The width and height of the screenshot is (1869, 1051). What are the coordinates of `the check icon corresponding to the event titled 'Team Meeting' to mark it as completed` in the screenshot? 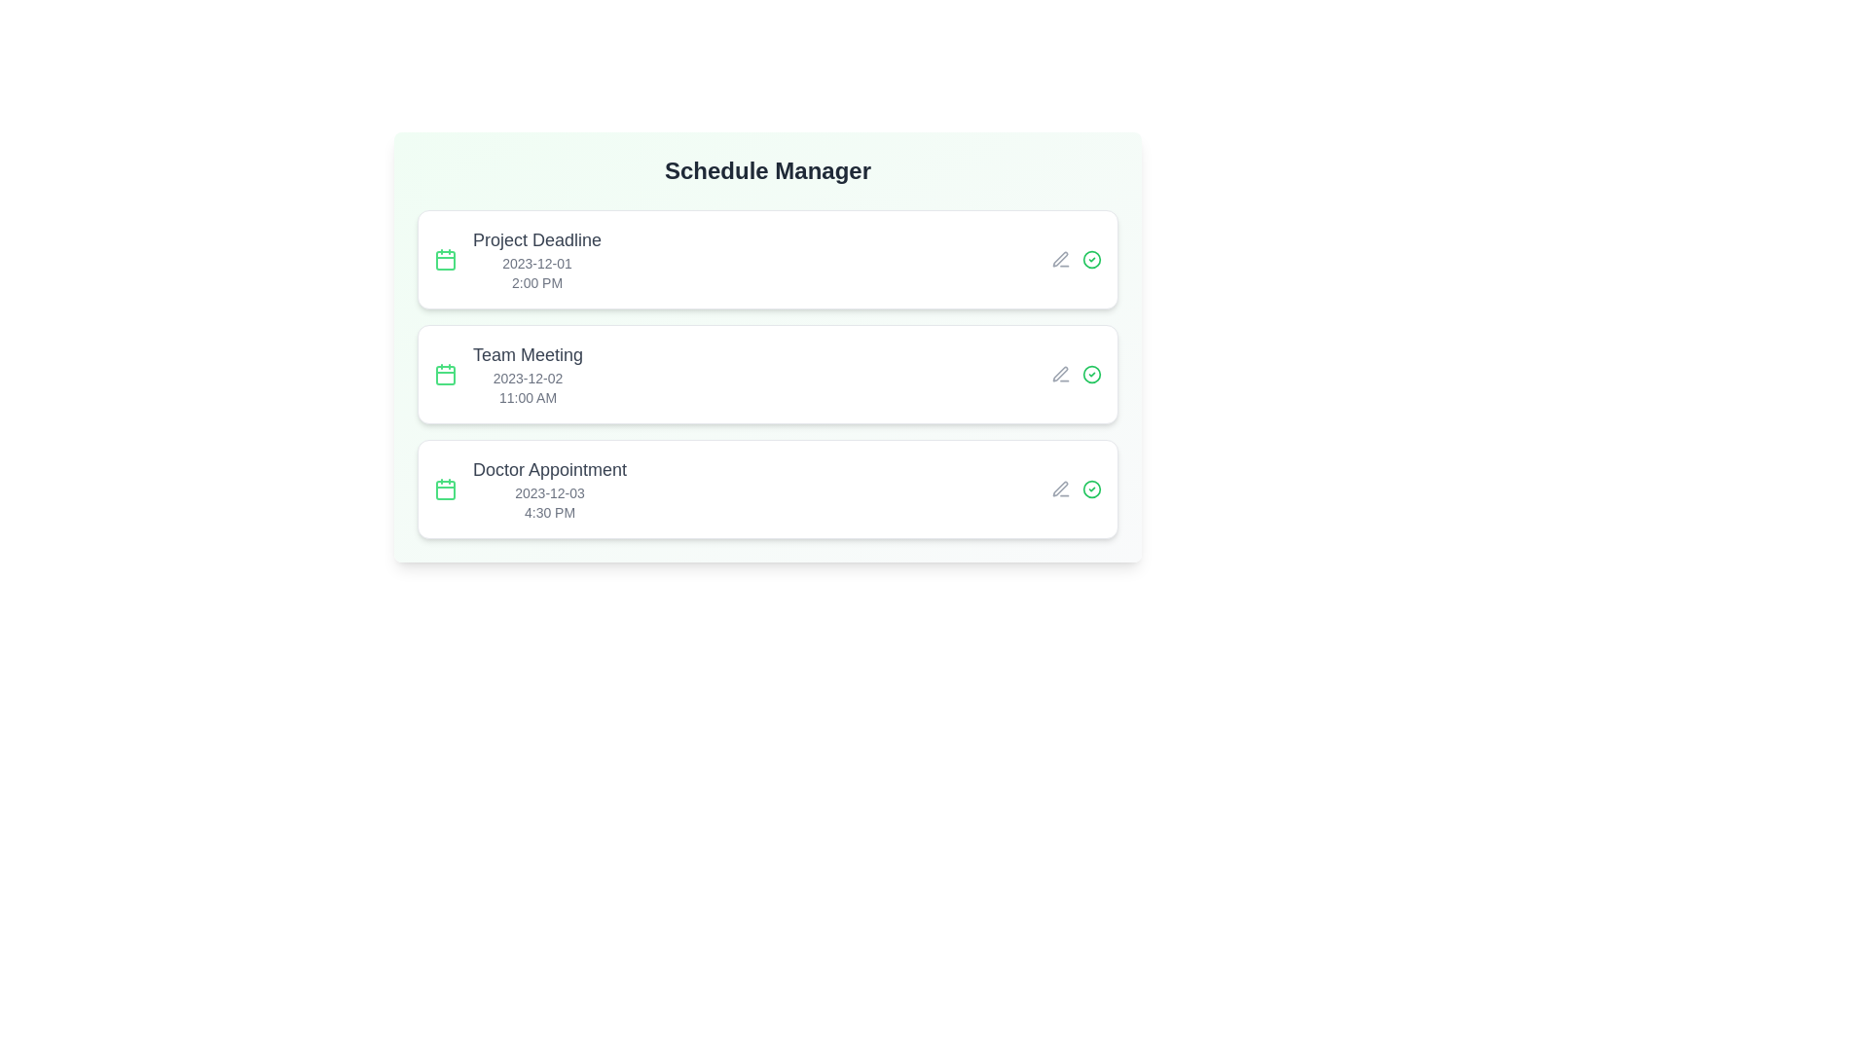 It's located at (1092, 375).